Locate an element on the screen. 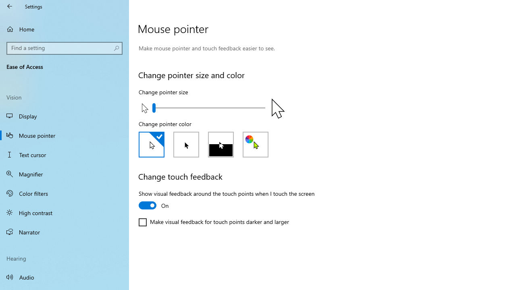  'Audio' is located at coordinates (64, 276).